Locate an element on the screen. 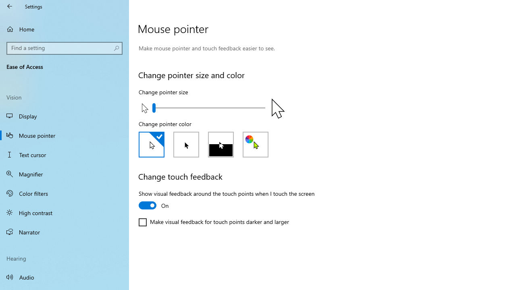  'Audio' is located at coordinates (64, 276).